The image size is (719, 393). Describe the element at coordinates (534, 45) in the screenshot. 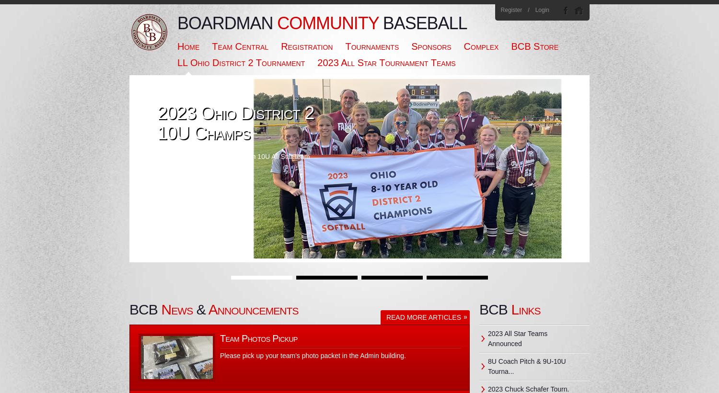

I see `'BCB Store'` at that location.